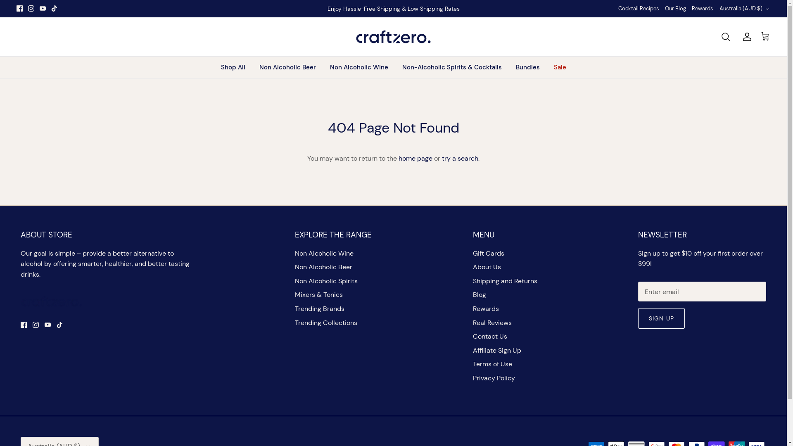 The image size is (793, 446). Describe the element at coordinates (325, 322) in the screenshot. I see `'Trending Collections'` at that location.